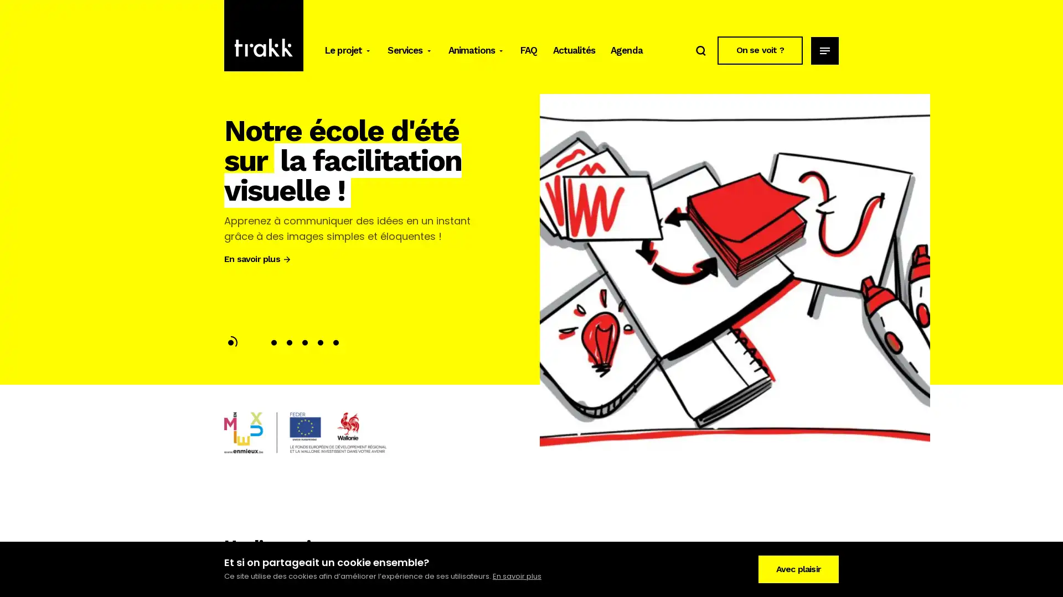 Image resolution: width=1063 pixels, height=597 pixels. Describe the element at coordinates (320, 342) in the screenshot. I see `Slide 5` at that location.